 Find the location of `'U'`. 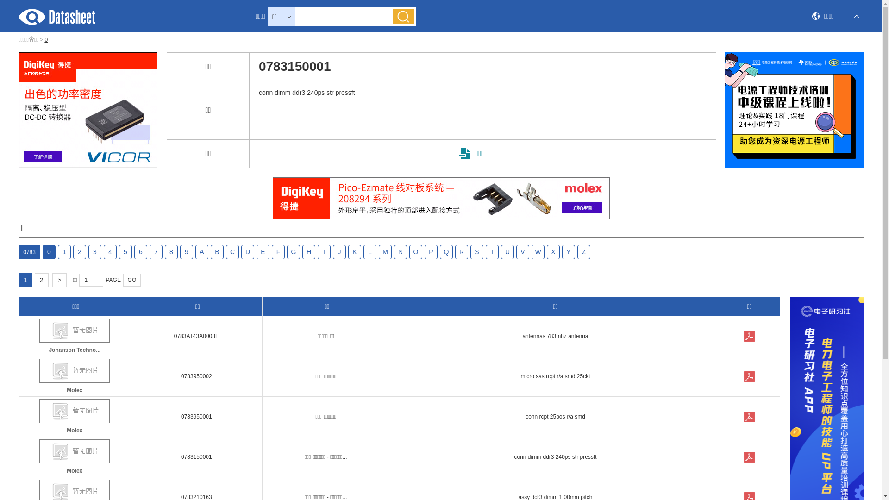

'U' is located at coordinates (507, 252).